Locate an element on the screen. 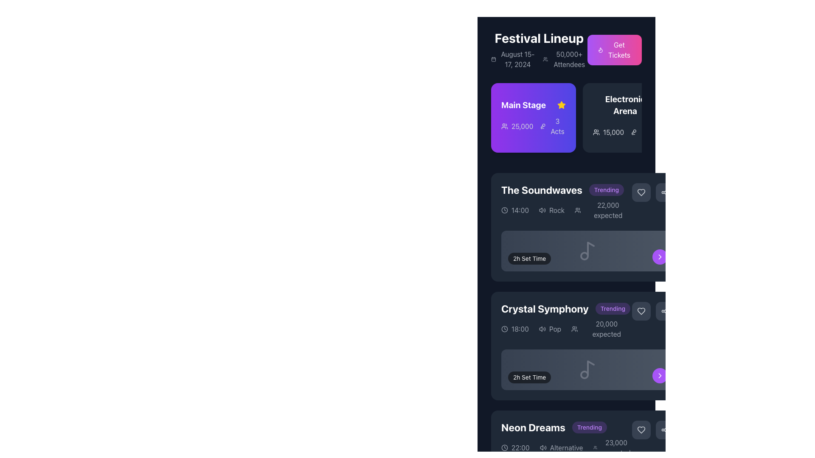 Image resolution: width=815 pixels, height=458 pixels. the Text Label with an Icon that indicates the time of the 'Neon Dreams' event, positioned below the event title and next to genre and audience size information is located at coordinates (515, 447).